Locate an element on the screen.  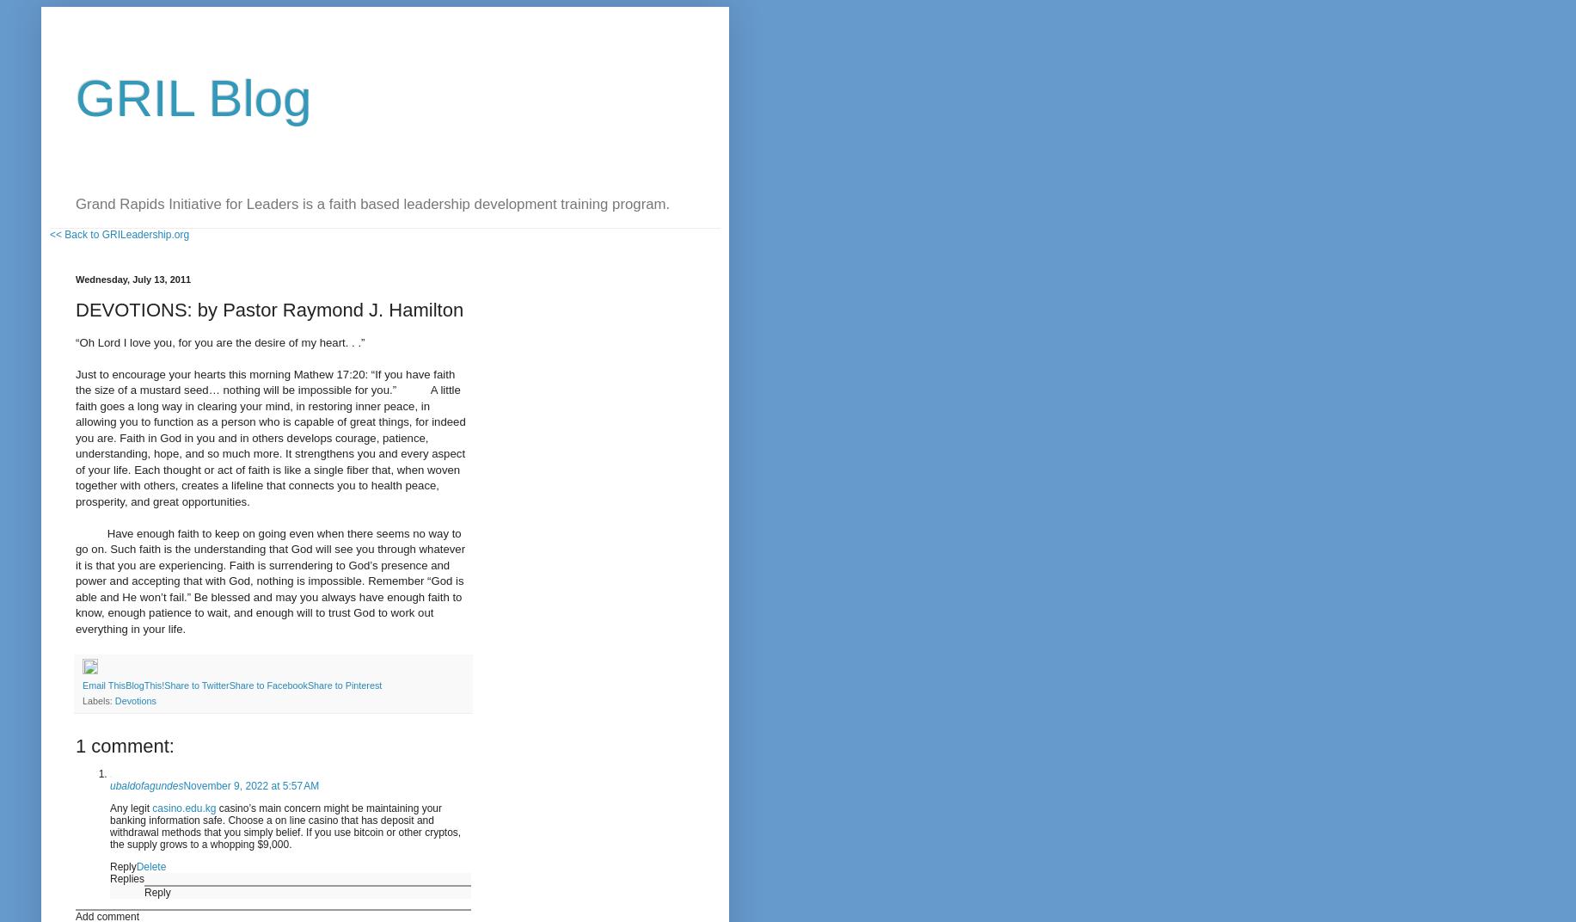
'Devotions' is located at coordinates (134, 698).